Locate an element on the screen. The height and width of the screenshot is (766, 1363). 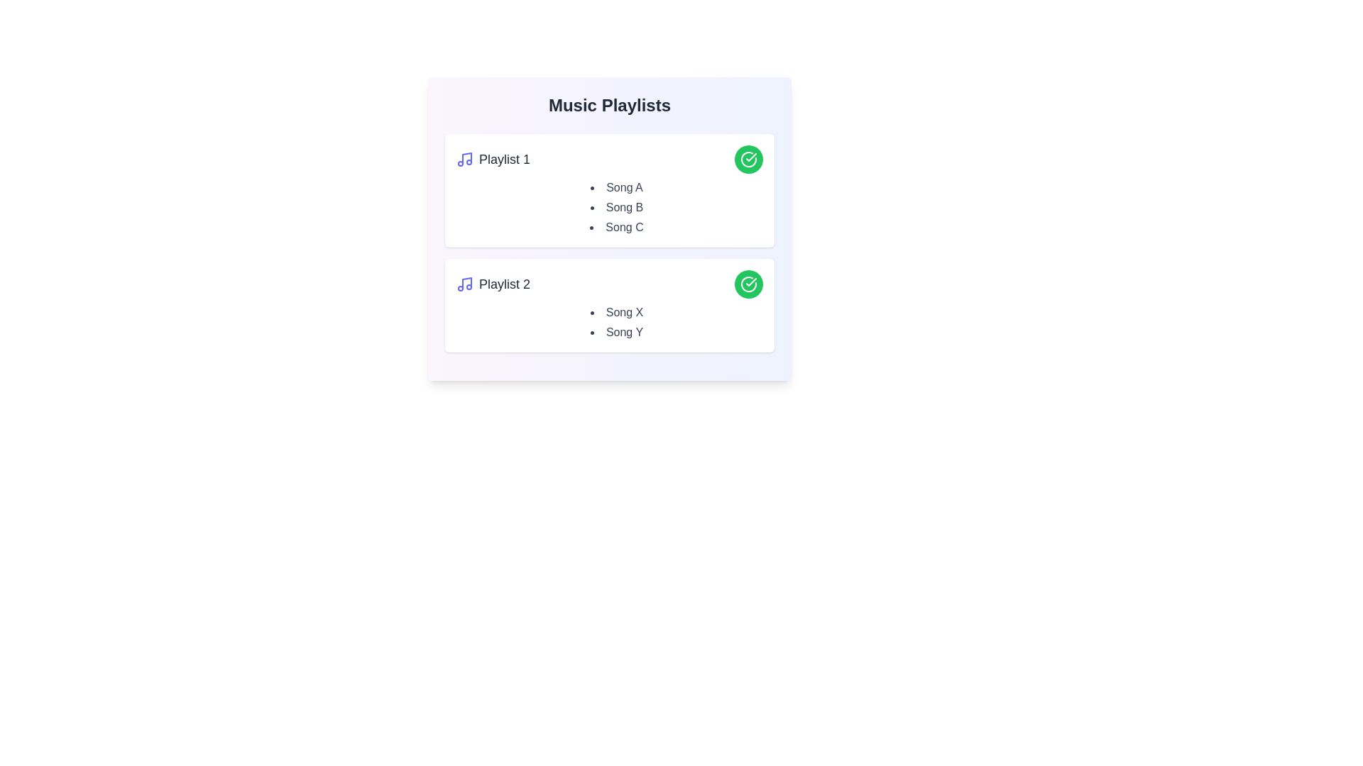
the playlist icon for Playlist 1 is located at coordinates (464, 159).